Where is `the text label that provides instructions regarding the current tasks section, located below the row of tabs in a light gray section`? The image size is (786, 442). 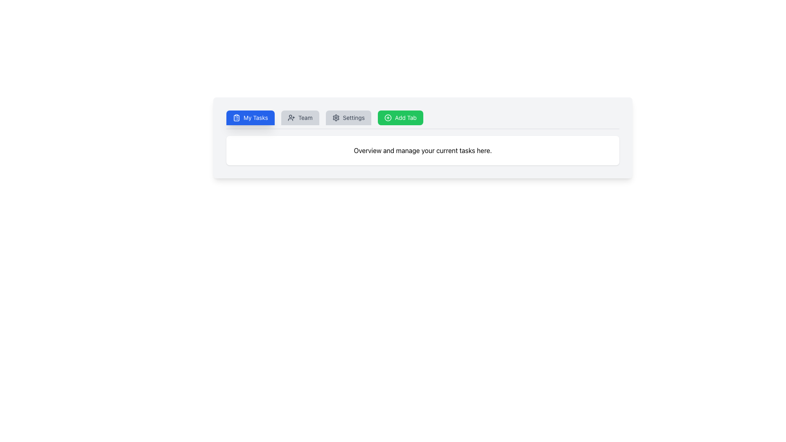
the text label that provides instructions regarding the current tasks section, located below the row of tabs in a light gray section is located at coordinates (422, 150).